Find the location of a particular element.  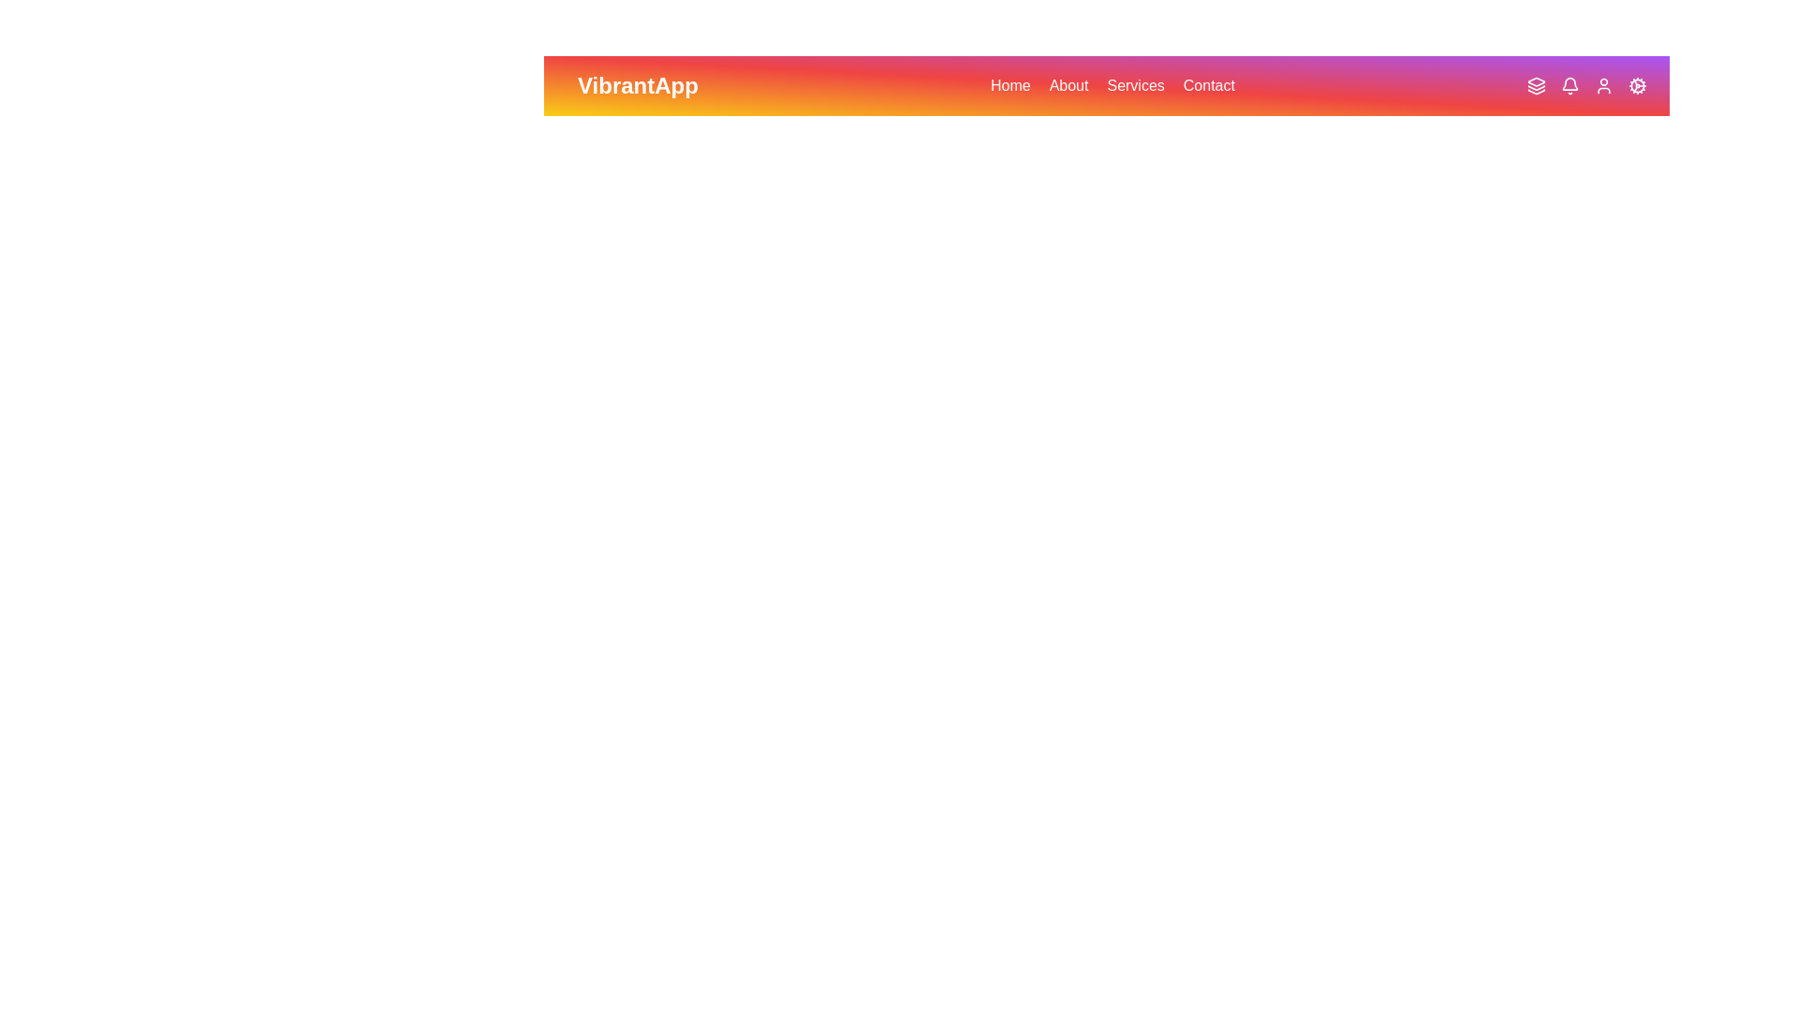

the Layers icon in the VibrantAppBar is located at coordinates (1537, 86).